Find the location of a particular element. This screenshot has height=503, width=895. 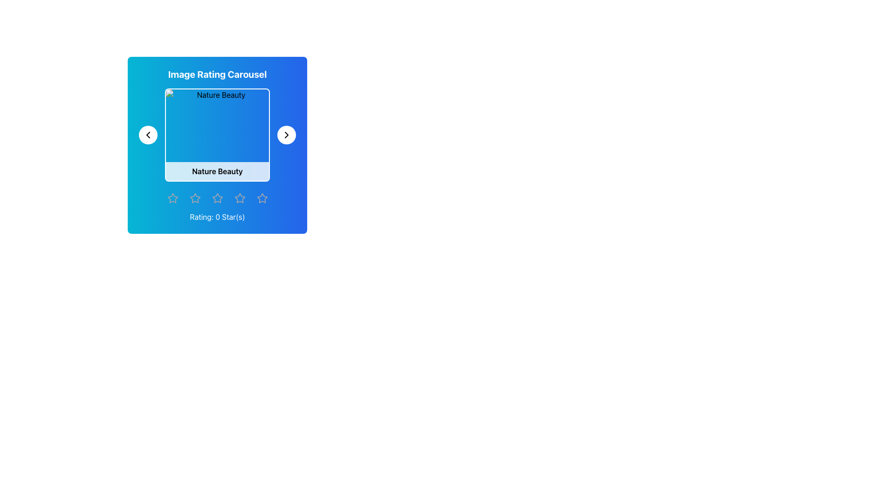

the first clickable star icon in the horizontal row of rating stars located at the bottom of the image rating carousel is located at coordinates (172, 197).